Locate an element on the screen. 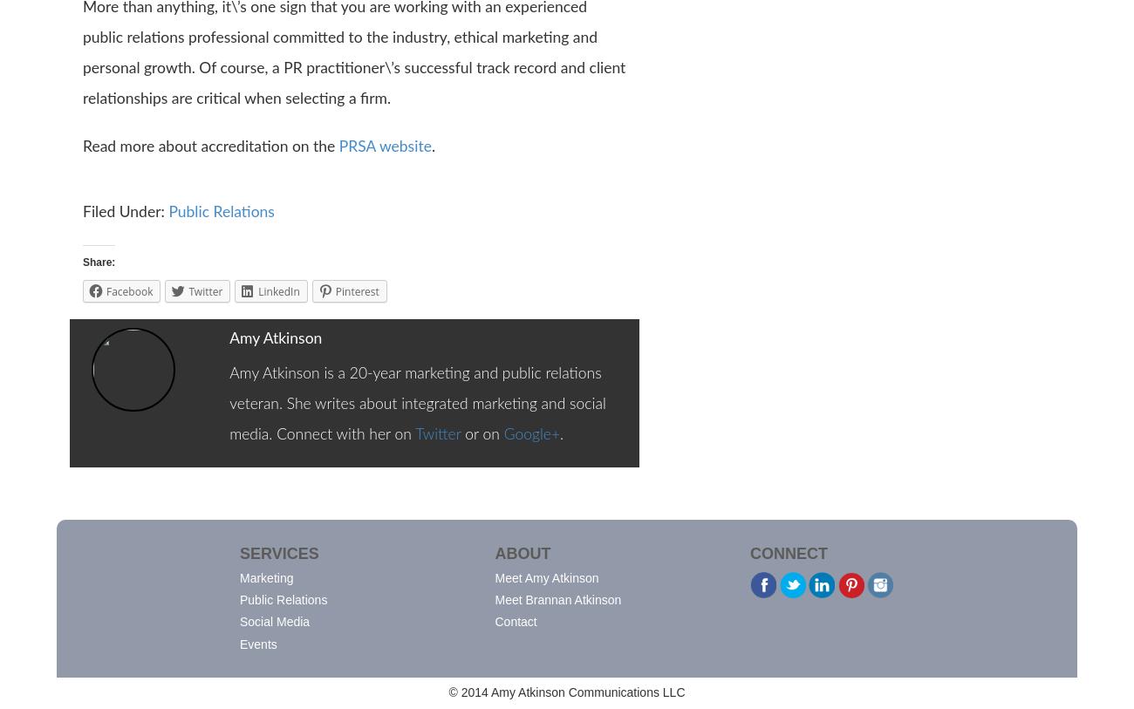 The height and width of the screenshot is (709, 1134). '© 2014 Amy Atkinson Communications LLC' is located at coordinates (566, 692).